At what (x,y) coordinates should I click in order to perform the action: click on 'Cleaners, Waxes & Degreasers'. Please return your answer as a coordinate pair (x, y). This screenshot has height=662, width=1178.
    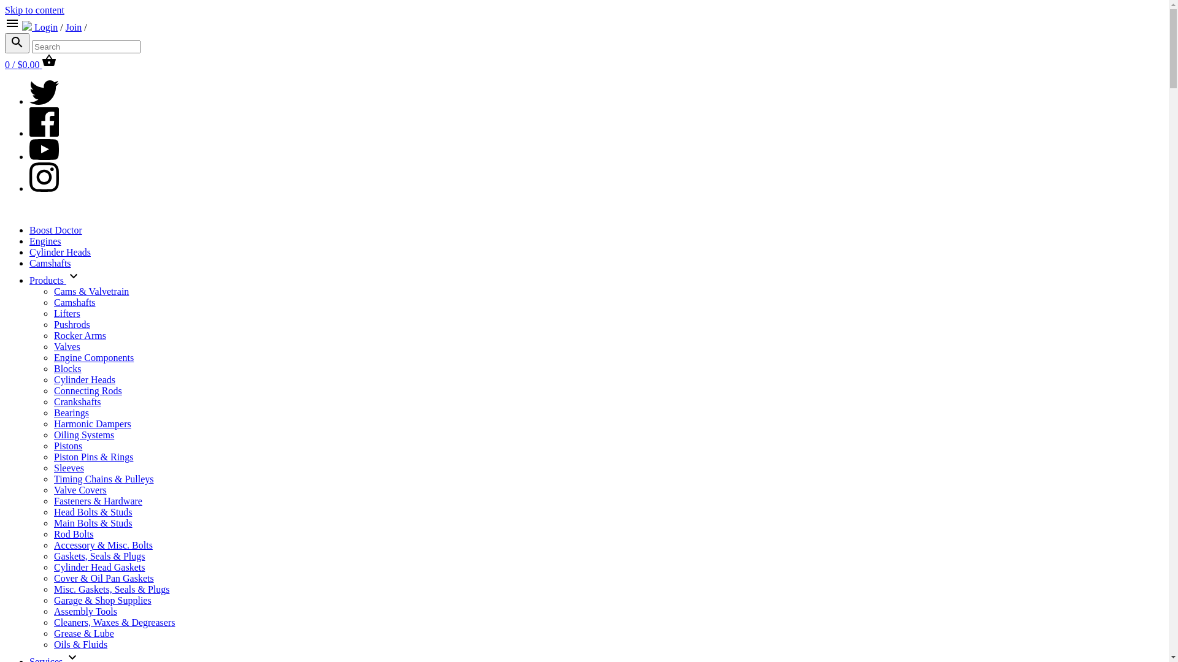
    Looking at the image, I should click on (114, 622).